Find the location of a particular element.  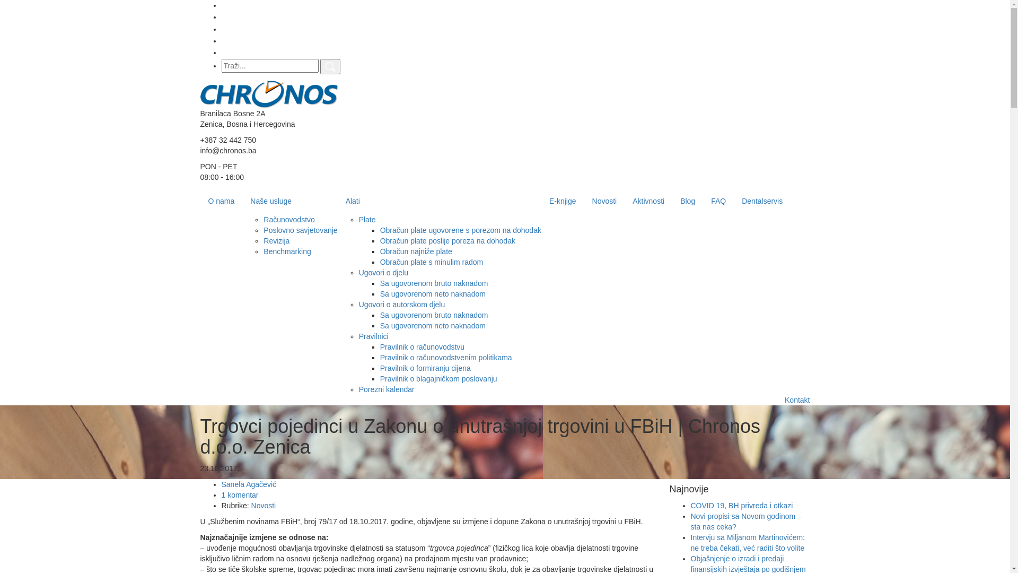

'Pravilnici' is located at coordinates (374, 336).